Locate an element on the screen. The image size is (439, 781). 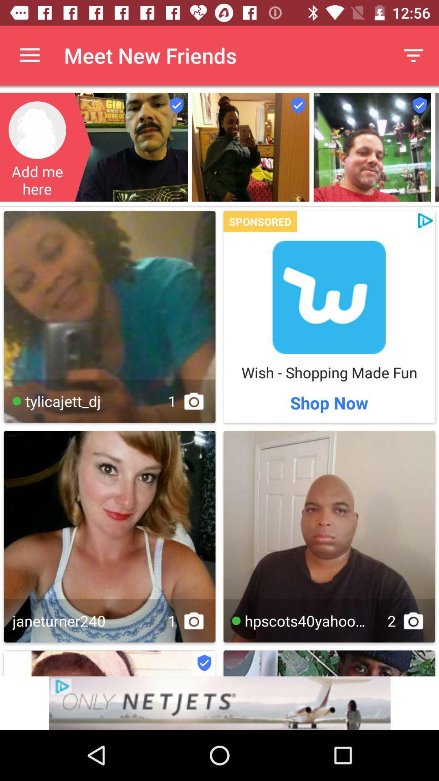
click on add is located at coordinates (329, 297).